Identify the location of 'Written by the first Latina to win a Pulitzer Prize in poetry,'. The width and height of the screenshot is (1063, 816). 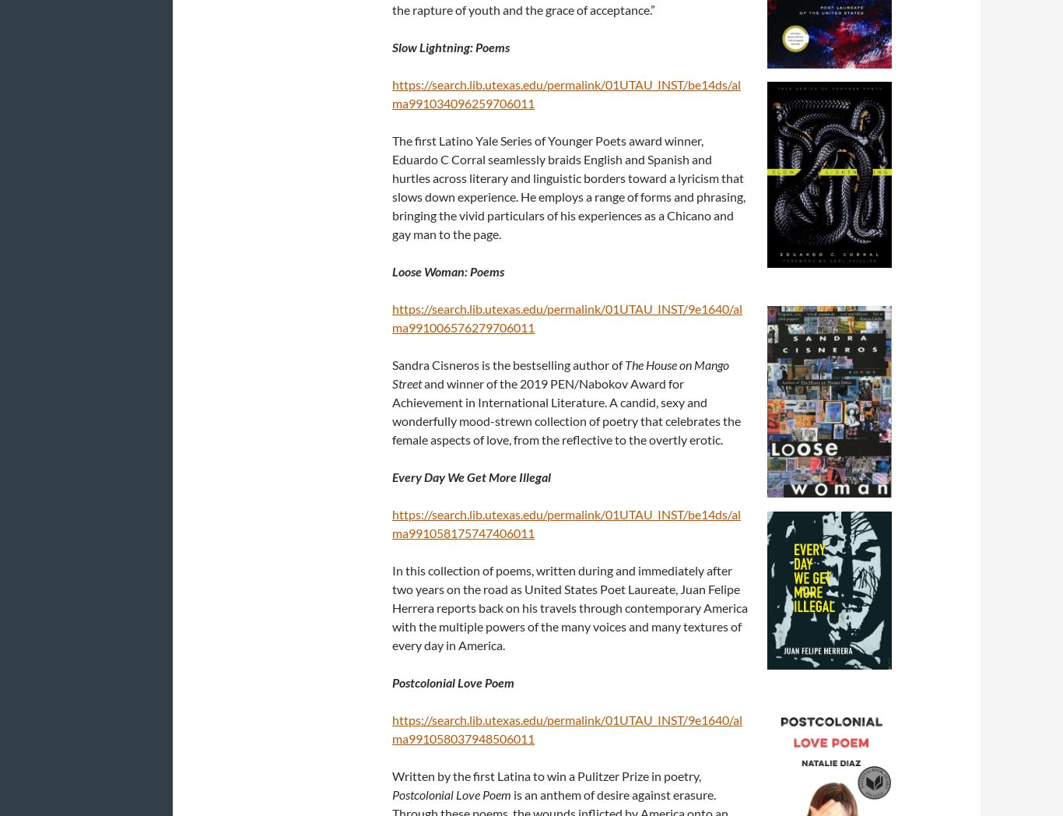
(546, 774).